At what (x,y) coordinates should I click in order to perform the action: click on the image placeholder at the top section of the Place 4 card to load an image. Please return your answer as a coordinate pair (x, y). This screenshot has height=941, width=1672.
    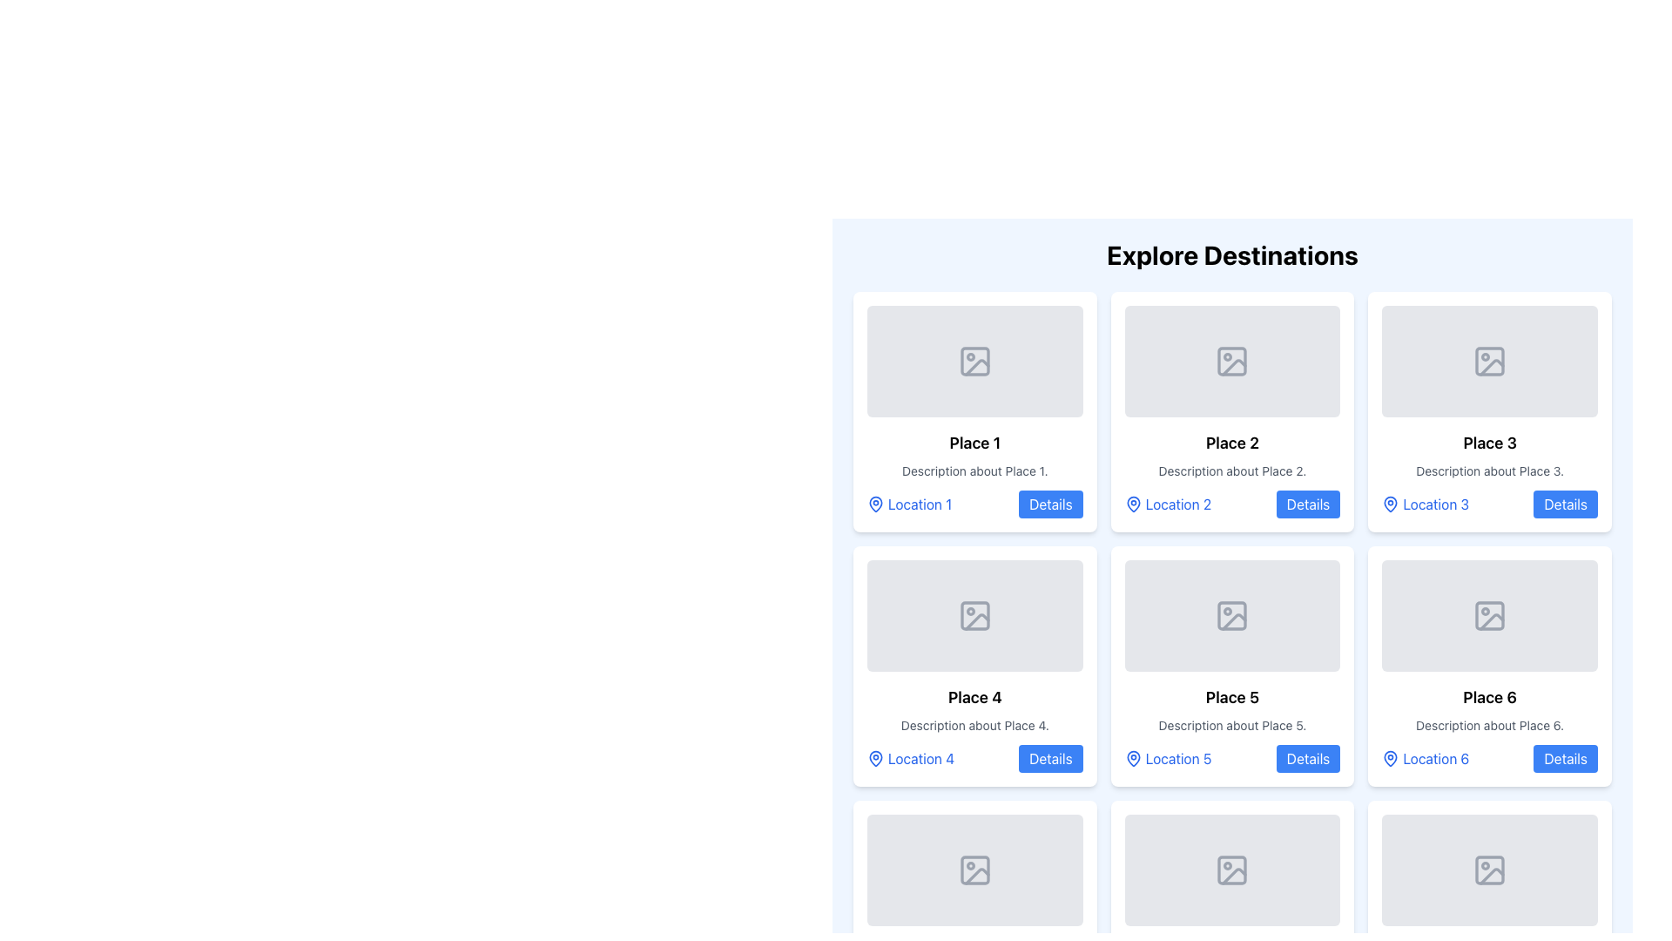
    Looking at the image, I should click on (974, 614).